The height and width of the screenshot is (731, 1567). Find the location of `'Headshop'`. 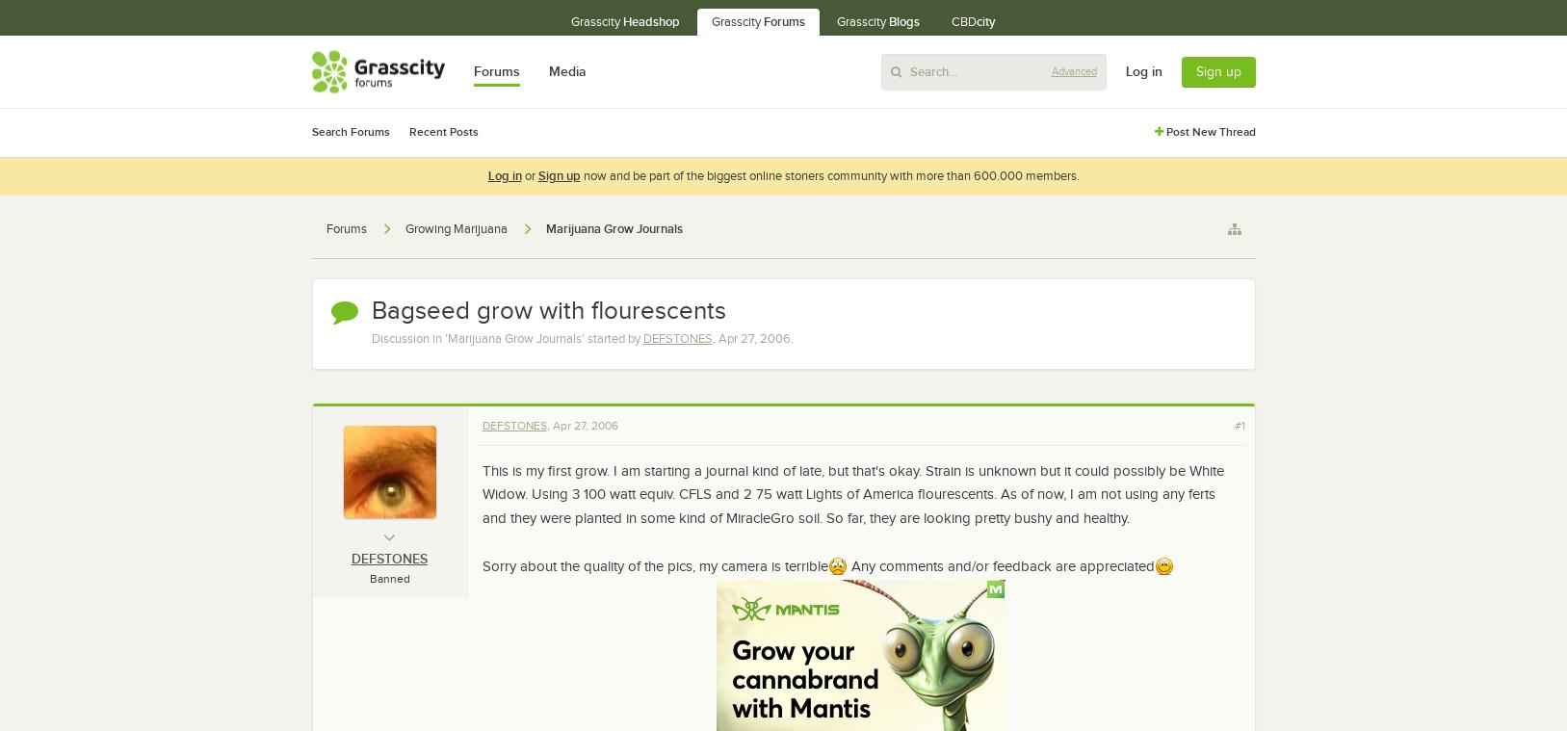

'Headshop' is located at coordinates (650, 20).